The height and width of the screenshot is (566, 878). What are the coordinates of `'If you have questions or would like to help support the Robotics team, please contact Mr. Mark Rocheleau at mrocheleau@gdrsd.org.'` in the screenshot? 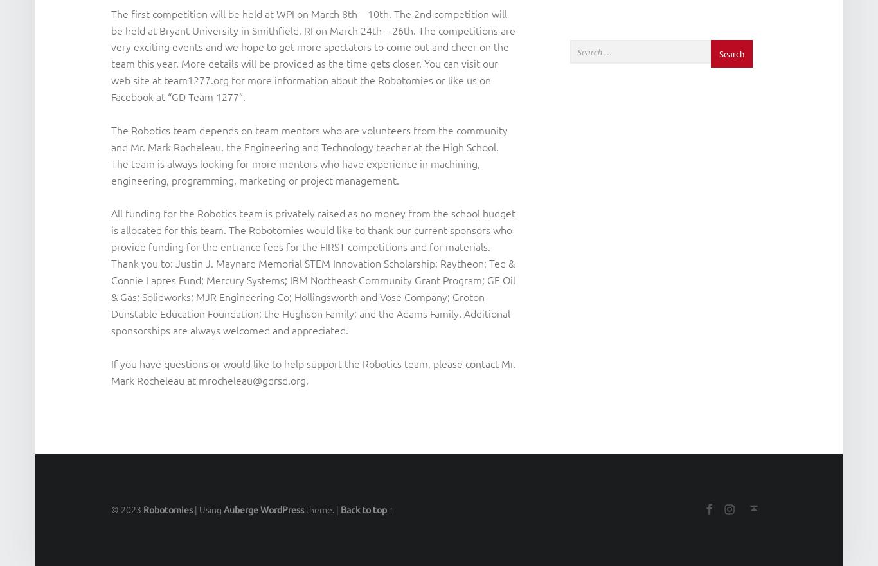 It's located at (313, 371).